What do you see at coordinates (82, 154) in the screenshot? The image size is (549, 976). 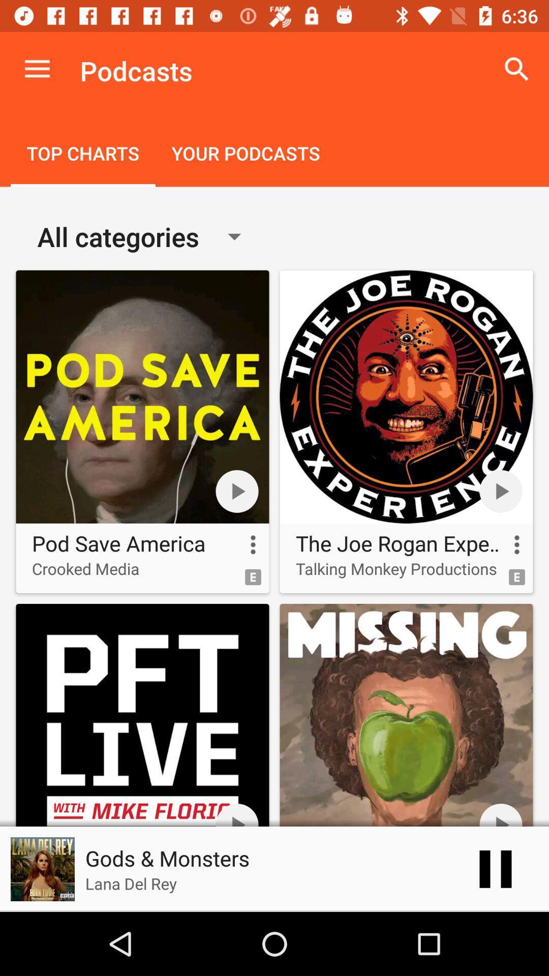 I see `the icon to the left of the your podcasts icon` at bounding box center [82, 154].